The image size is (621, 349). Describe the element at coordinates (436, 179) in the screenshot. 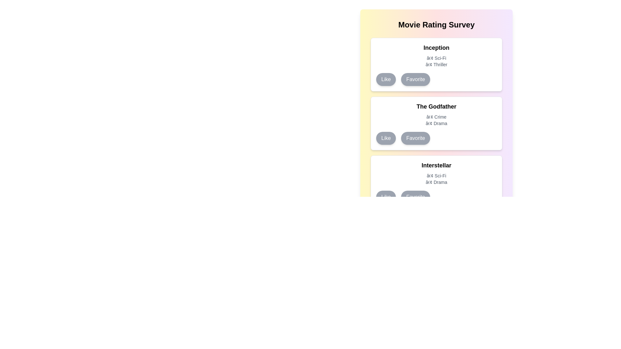

I see `the text display element showing the genres '• Sci-Fi • Drama', which is located below the title 'Interstellar' and above the buttons 'Like' and 'Favorite'` at that location.